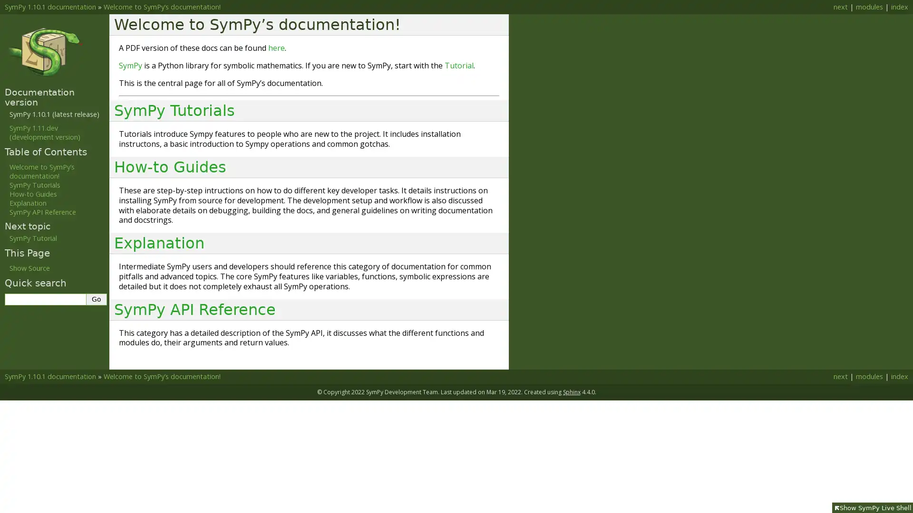 The height and width of the screenshot is (513, 913). I want to click on Go, so click(97, 298).